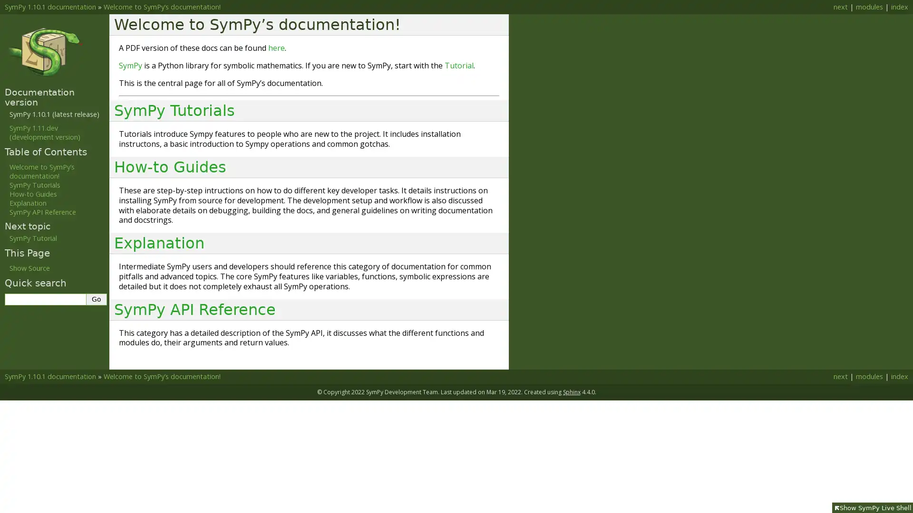 The height and width of the screenshot is (513, 913). I want to click on Go, so click(97, 298).